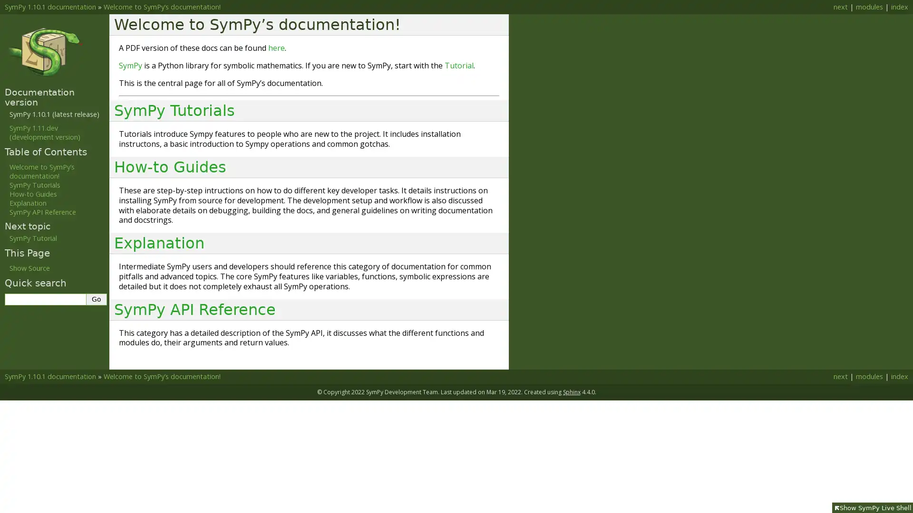 The height and width of the screenshot is (513, 913). I want to click on Go, so click(97, 298).